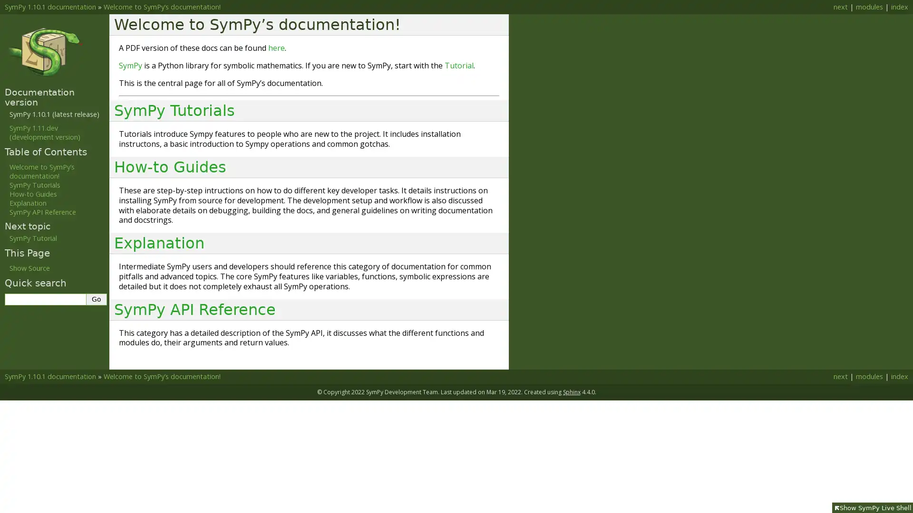 The height and width of the screenshot is (513, 913). I want to click on Go, so click(97, 298).